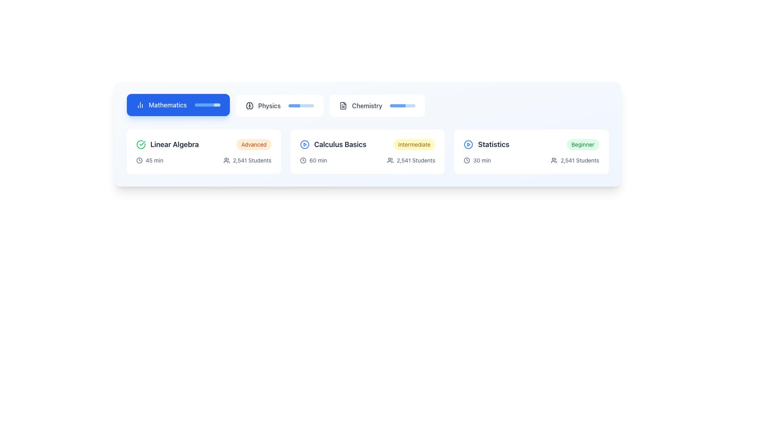  I want to click on informational content displayed under the title 'Calculus Basics' in the second card, which shows '60 min' duration and '2,541 Students' enrolled, so click(367, 160).